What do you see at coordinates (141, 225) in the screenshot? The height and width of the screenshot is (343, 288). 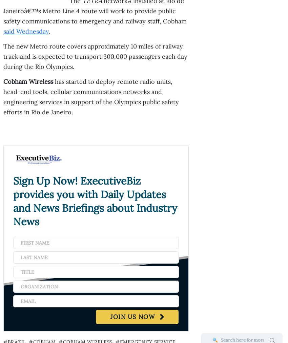 I see `'© 2022 Copyrights Executive Mosaic - All Rights Reserved'` at bounding box center [141, 225].